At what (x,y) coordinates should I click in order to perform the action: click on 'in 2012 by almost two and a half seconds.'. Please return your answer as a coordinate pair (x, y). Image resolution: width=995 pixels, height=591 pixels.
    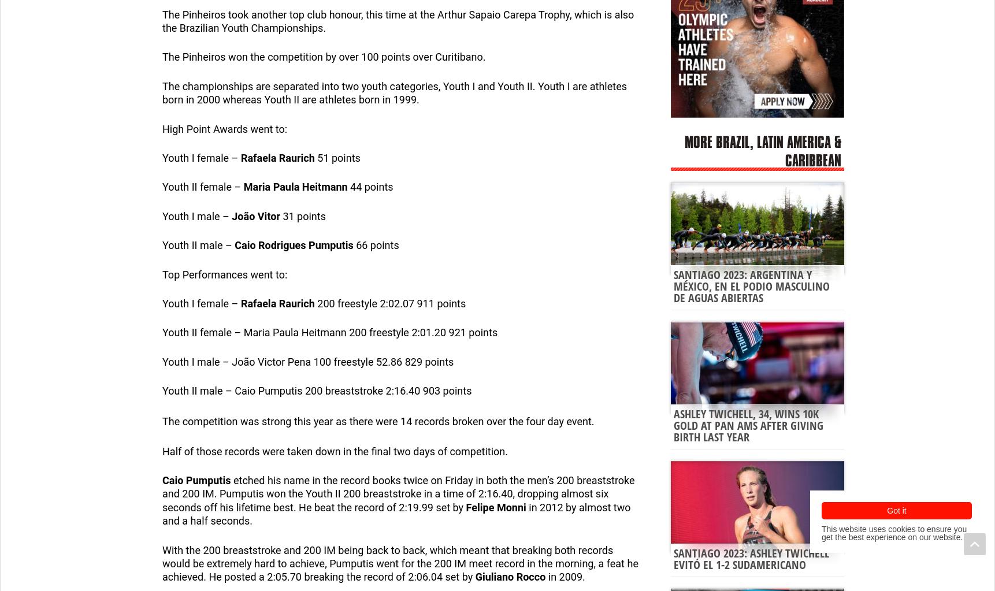
    Looking at the image, I should click on (396, 514).